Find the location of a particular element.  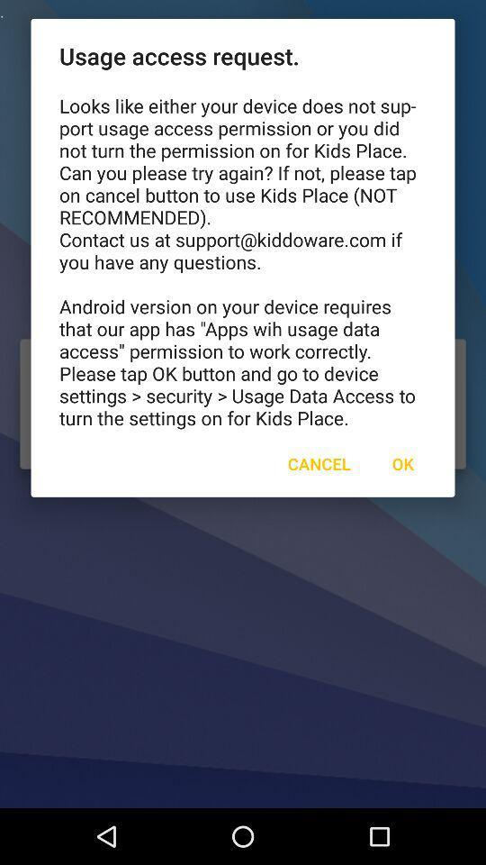

cancel is located at coordinates (318, 462).